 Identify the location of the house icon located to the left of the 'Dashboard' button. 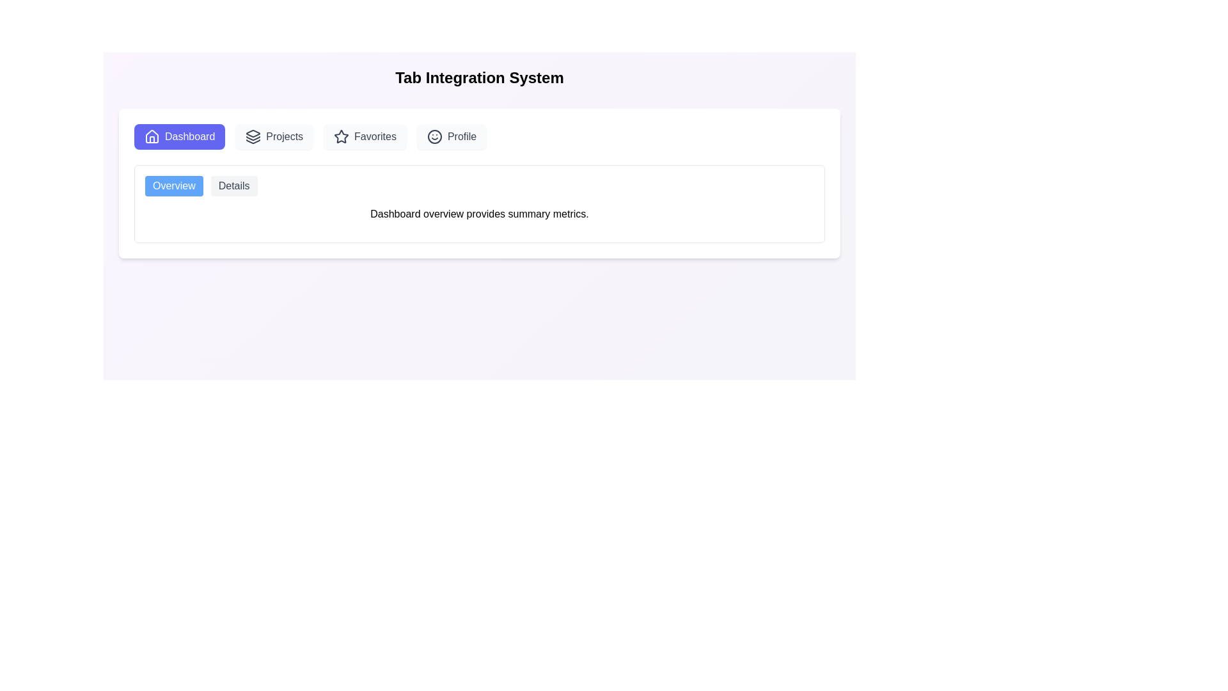
(152, 136).